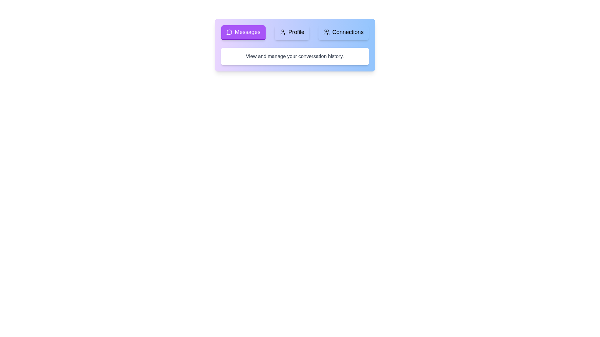 The height and width of the screenshot is (337, 600). I want to click on the 'Messages' button located at the top-left side of the interface to trigger its hover state or tooltip, so click(247, 32).